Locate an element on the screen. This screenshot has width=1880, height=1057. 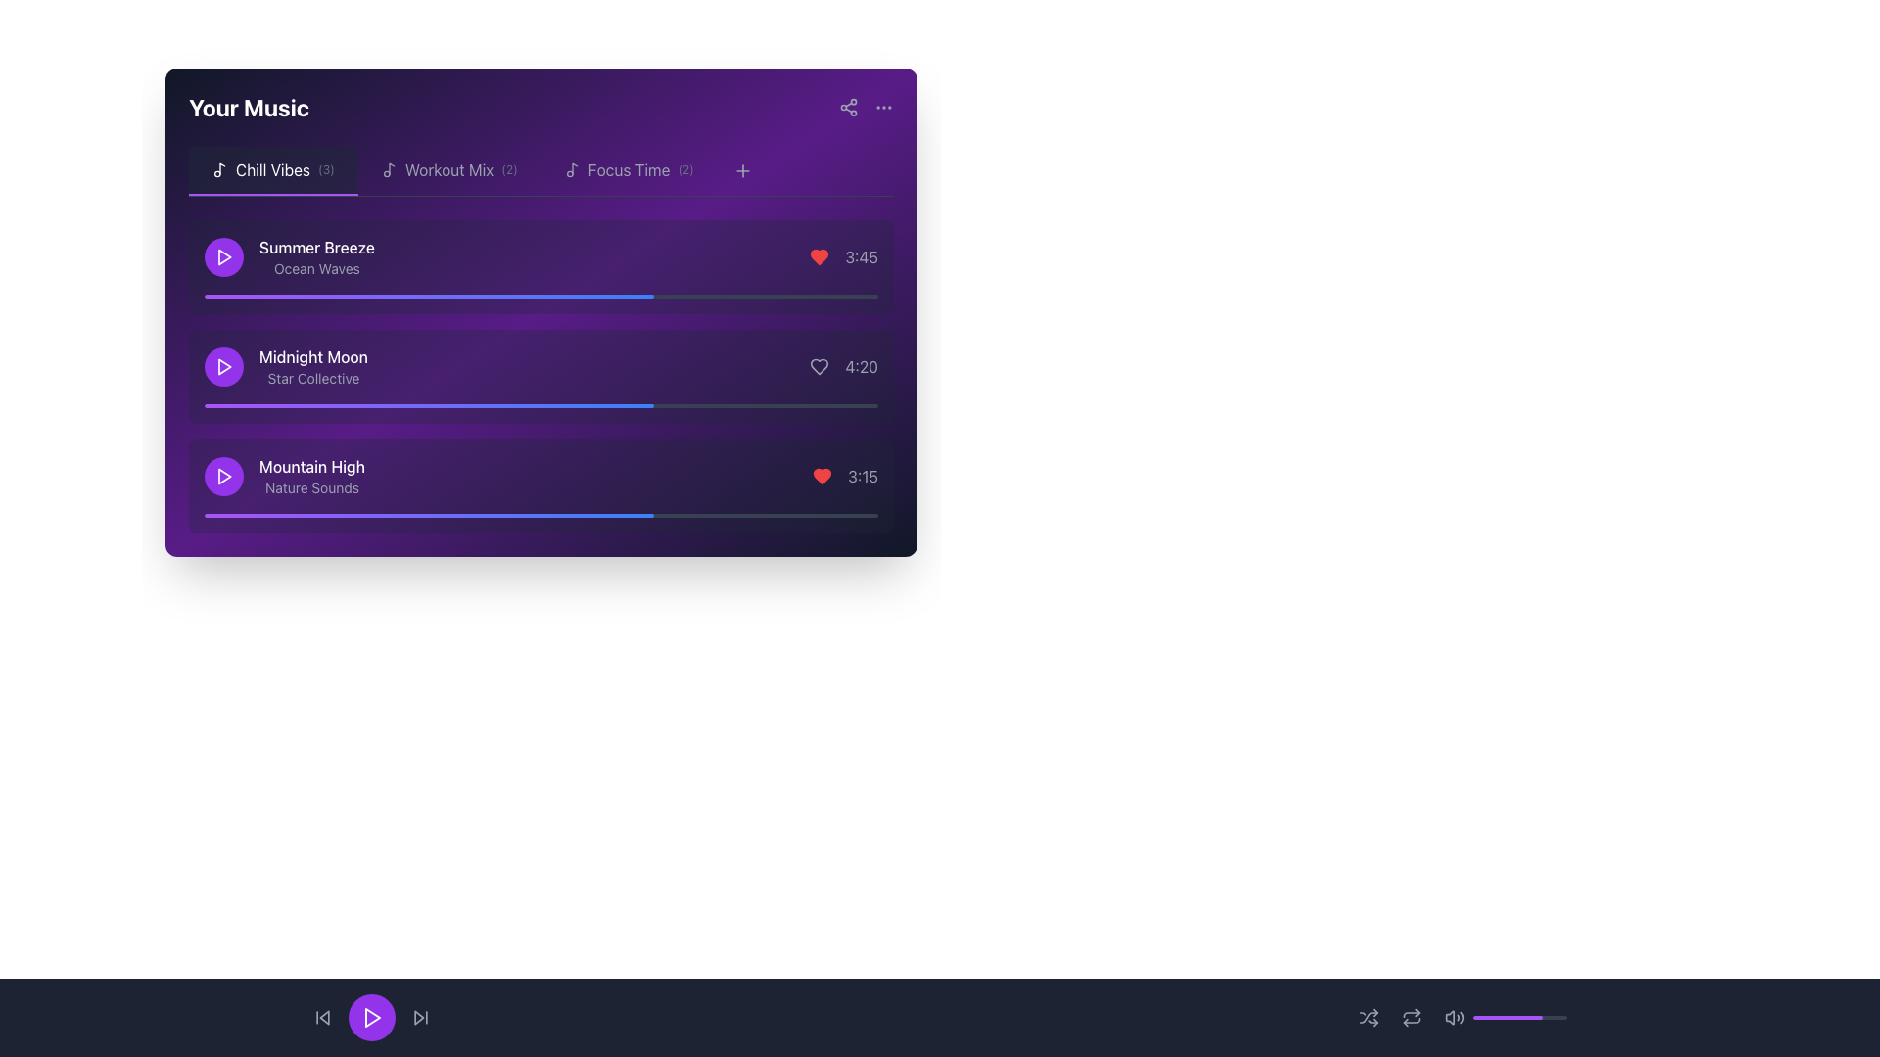
the 'Focus Time' tab label, which is the third textual item in a horizontal list at the top of the music interface is located at coordinates (629, 168).